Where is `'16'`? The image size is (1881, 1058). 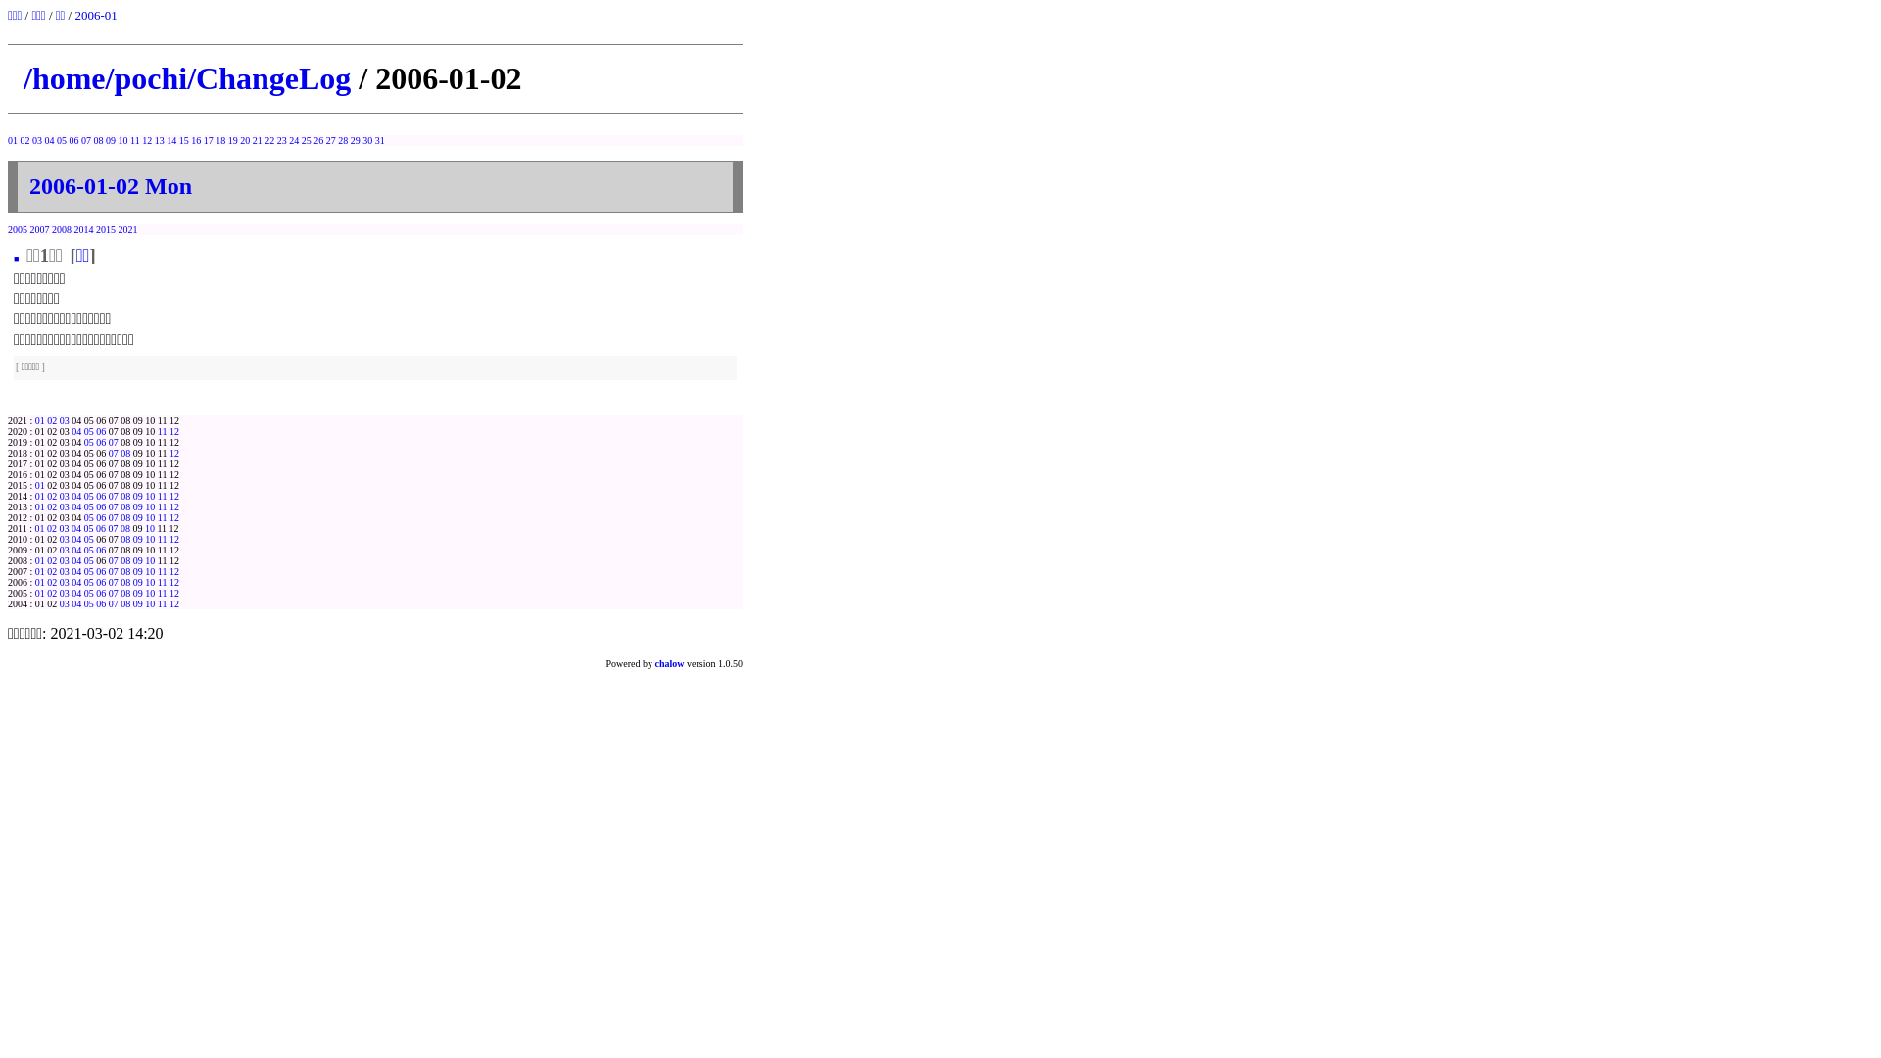 '16' is located at coordinates (196, 139).